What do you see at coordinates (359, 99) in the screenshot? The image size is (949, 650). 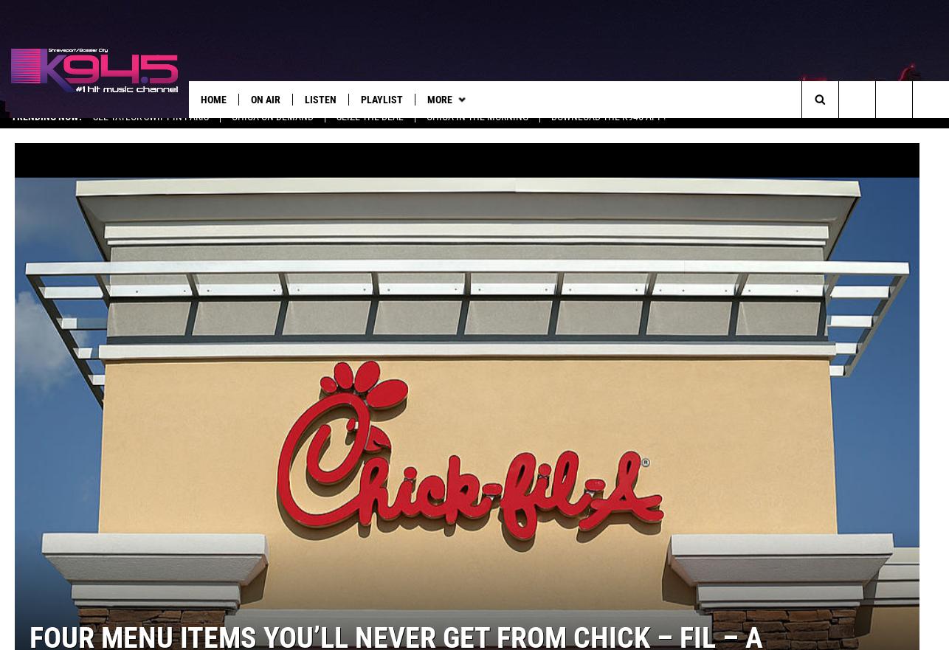 I see `'Playlist'` at bounding box center [359, 99].